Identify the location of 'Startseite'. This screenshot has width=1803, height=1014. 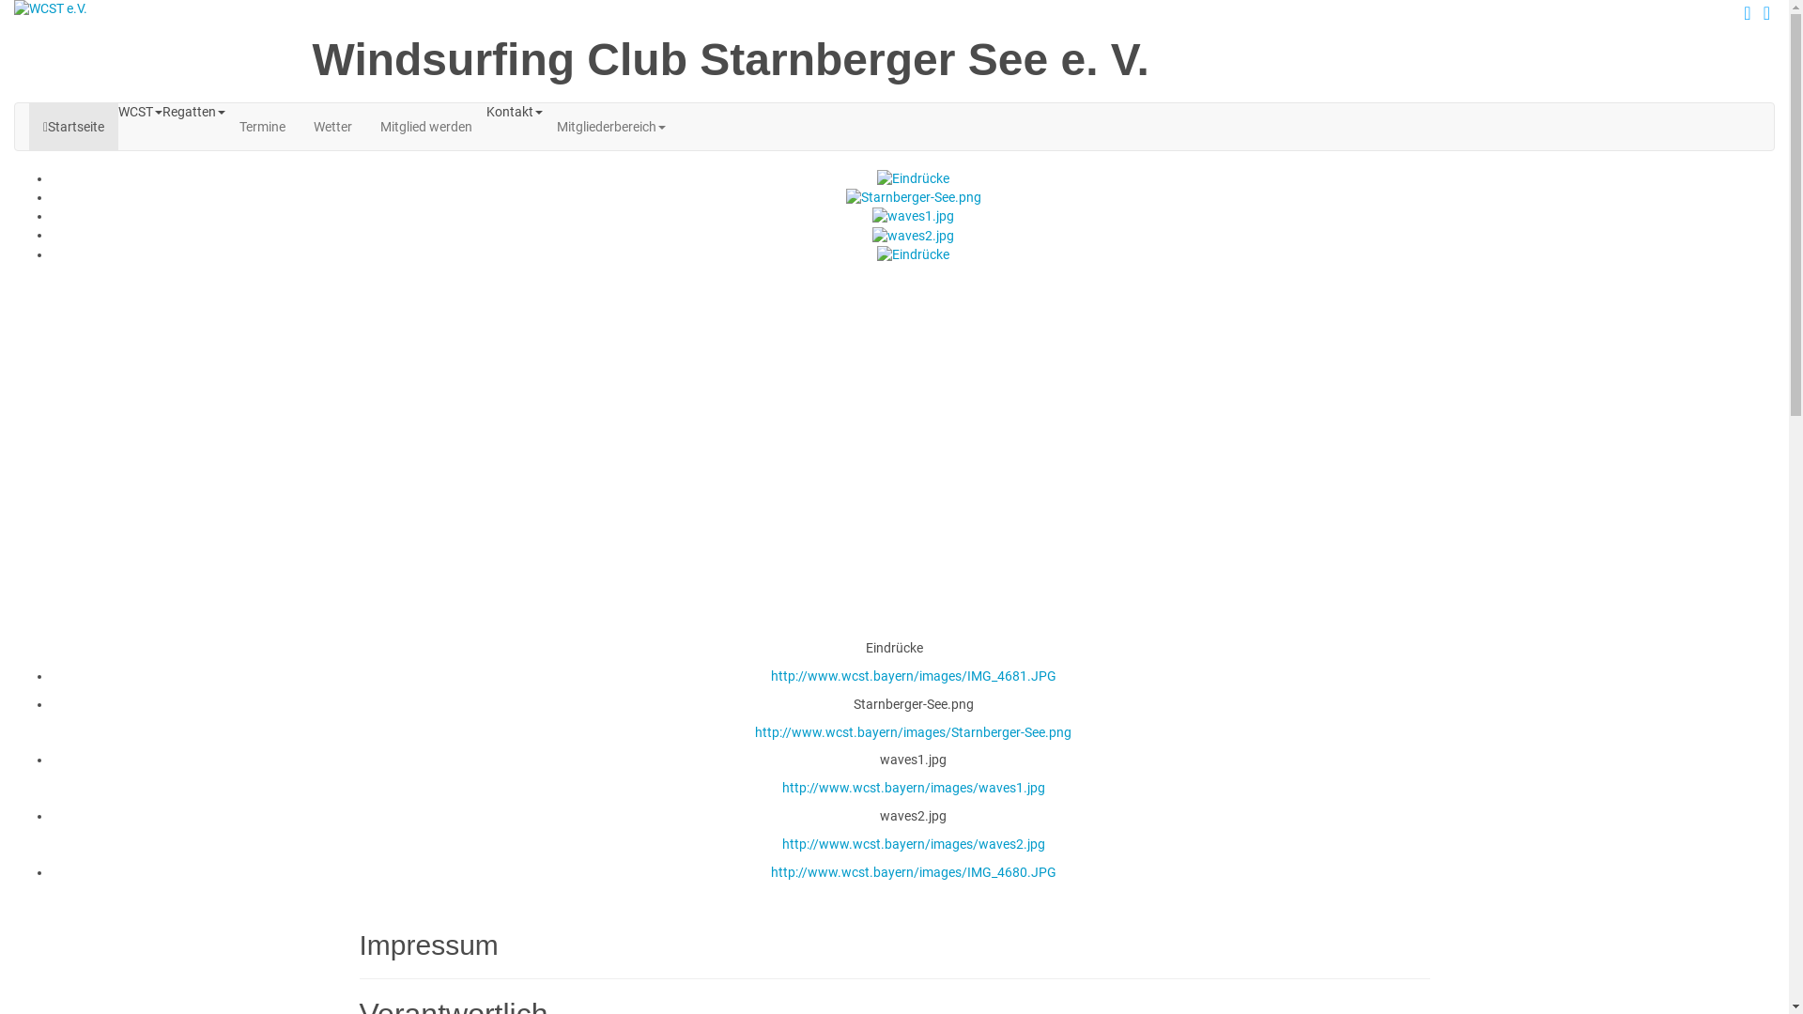
(73, 127).